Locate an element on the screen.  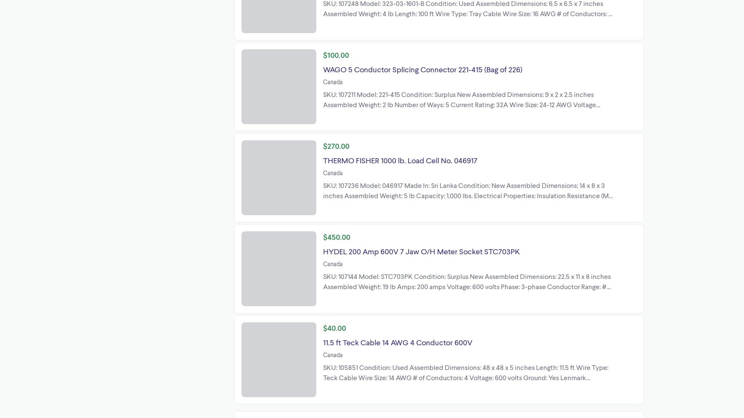
'$270.00' is located at coordinates (323, 145).